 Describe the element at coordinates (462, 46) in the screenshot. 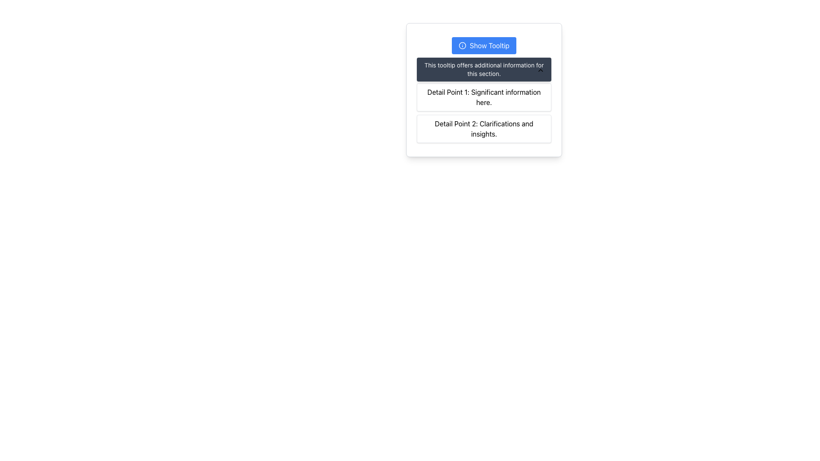

I see `the blue 'Show Tooltip' button that contains the small circular icon with a stylized 'i' symbol, located towards the left side of the button` at that location.